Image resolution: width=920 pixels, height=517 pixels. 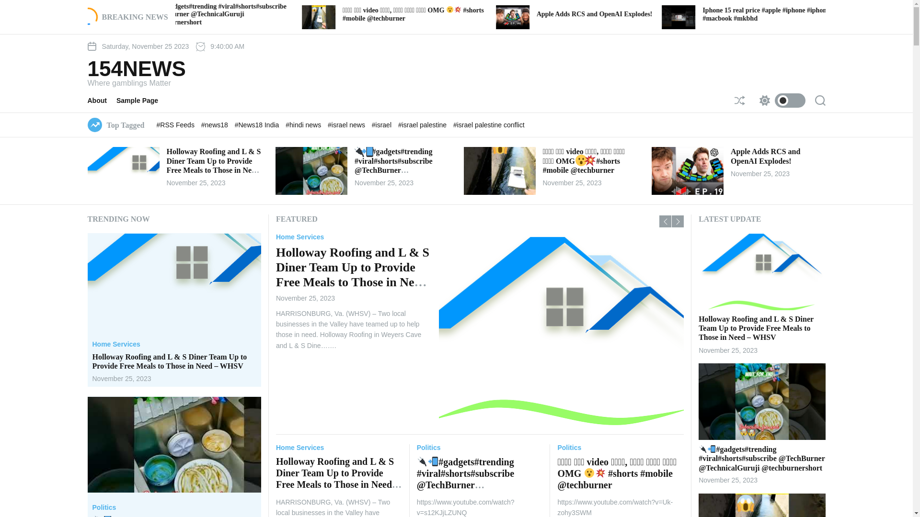 I want to click on '#israel palestine', so click(x=423, y=124).